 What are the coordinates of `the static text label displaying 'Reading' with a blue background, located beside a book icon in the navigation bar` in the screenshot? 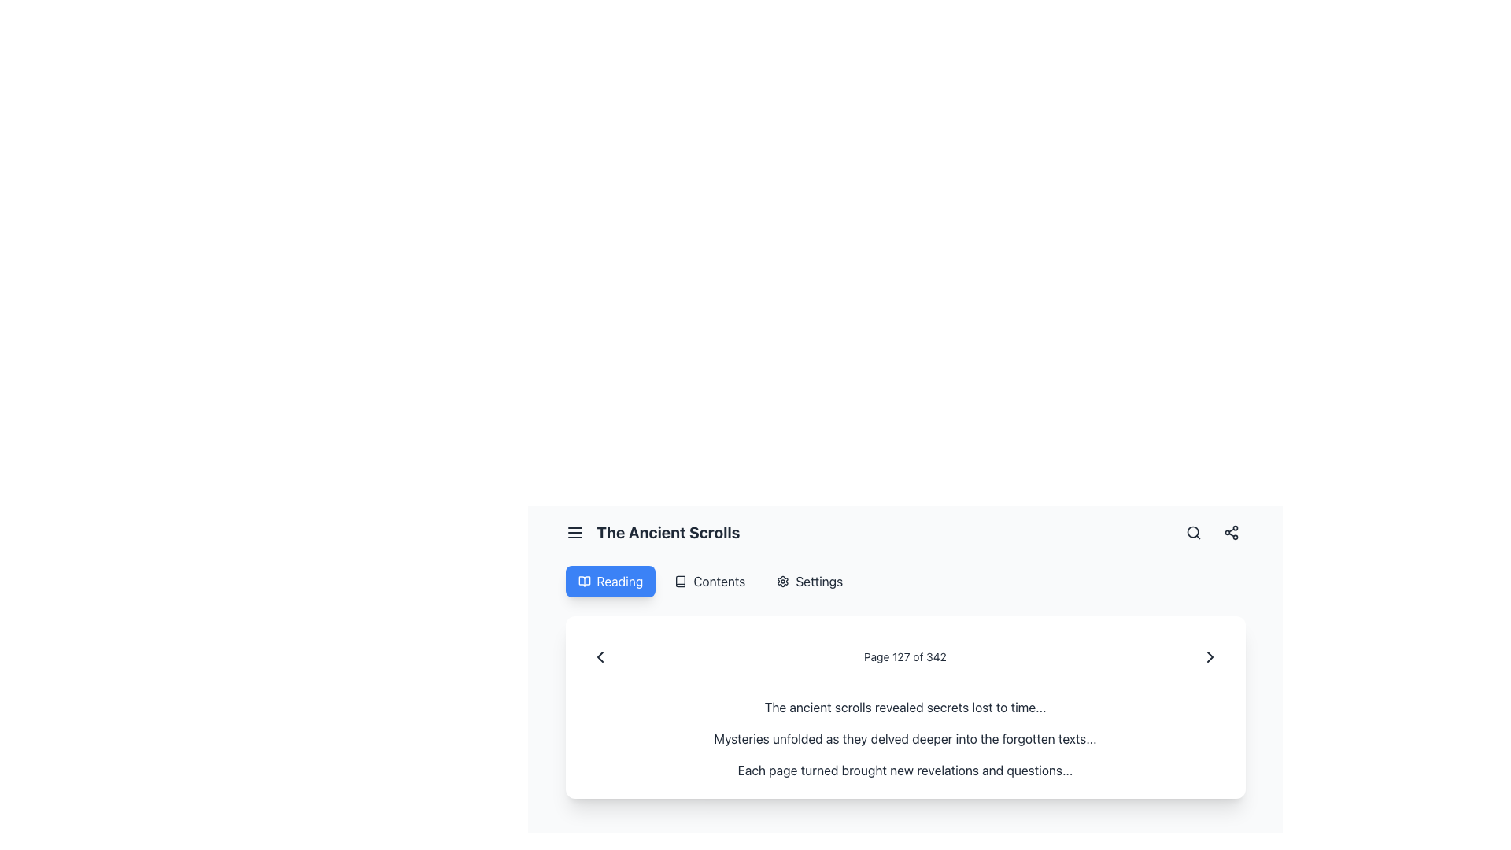 It's located at (619, 582).